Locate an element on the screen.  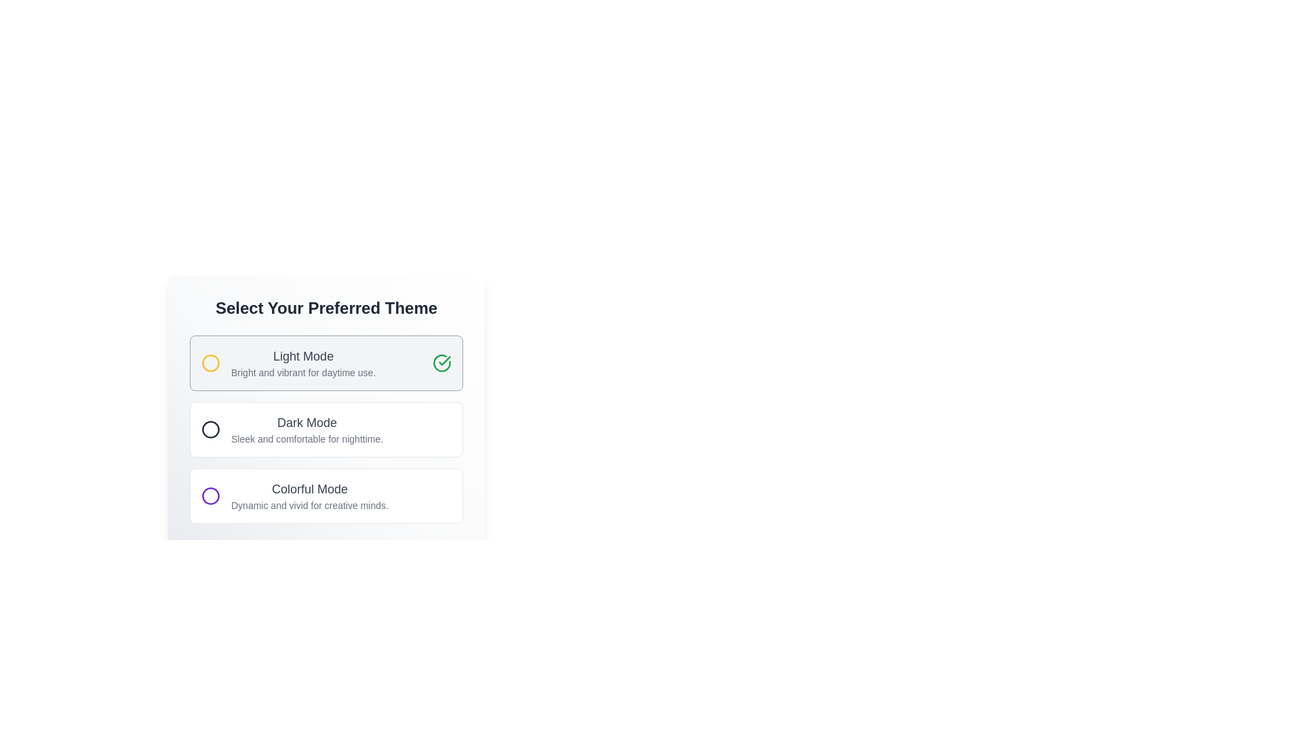
the heading element styled in bold typography with the text 'Select Your Preferred Theme' located at the upper center of the card layout is located at coordinates (326, 308).